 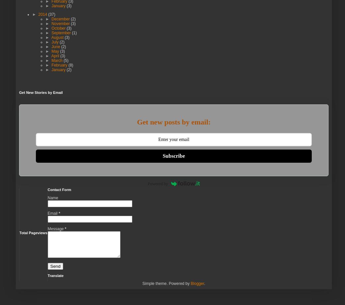 What do you see at coordinates (147, 183) in the screenshot?
I see `'Powered by'` at bounding box center [147, 183].